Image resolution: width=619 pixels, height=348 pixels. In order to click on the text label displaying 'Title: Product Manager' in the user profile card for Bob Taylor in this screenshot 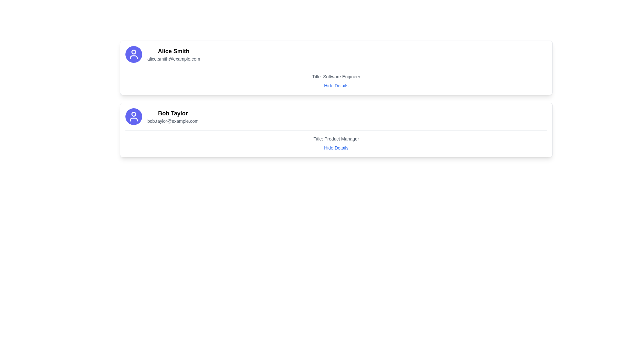, I will do `click(336, 139)`.